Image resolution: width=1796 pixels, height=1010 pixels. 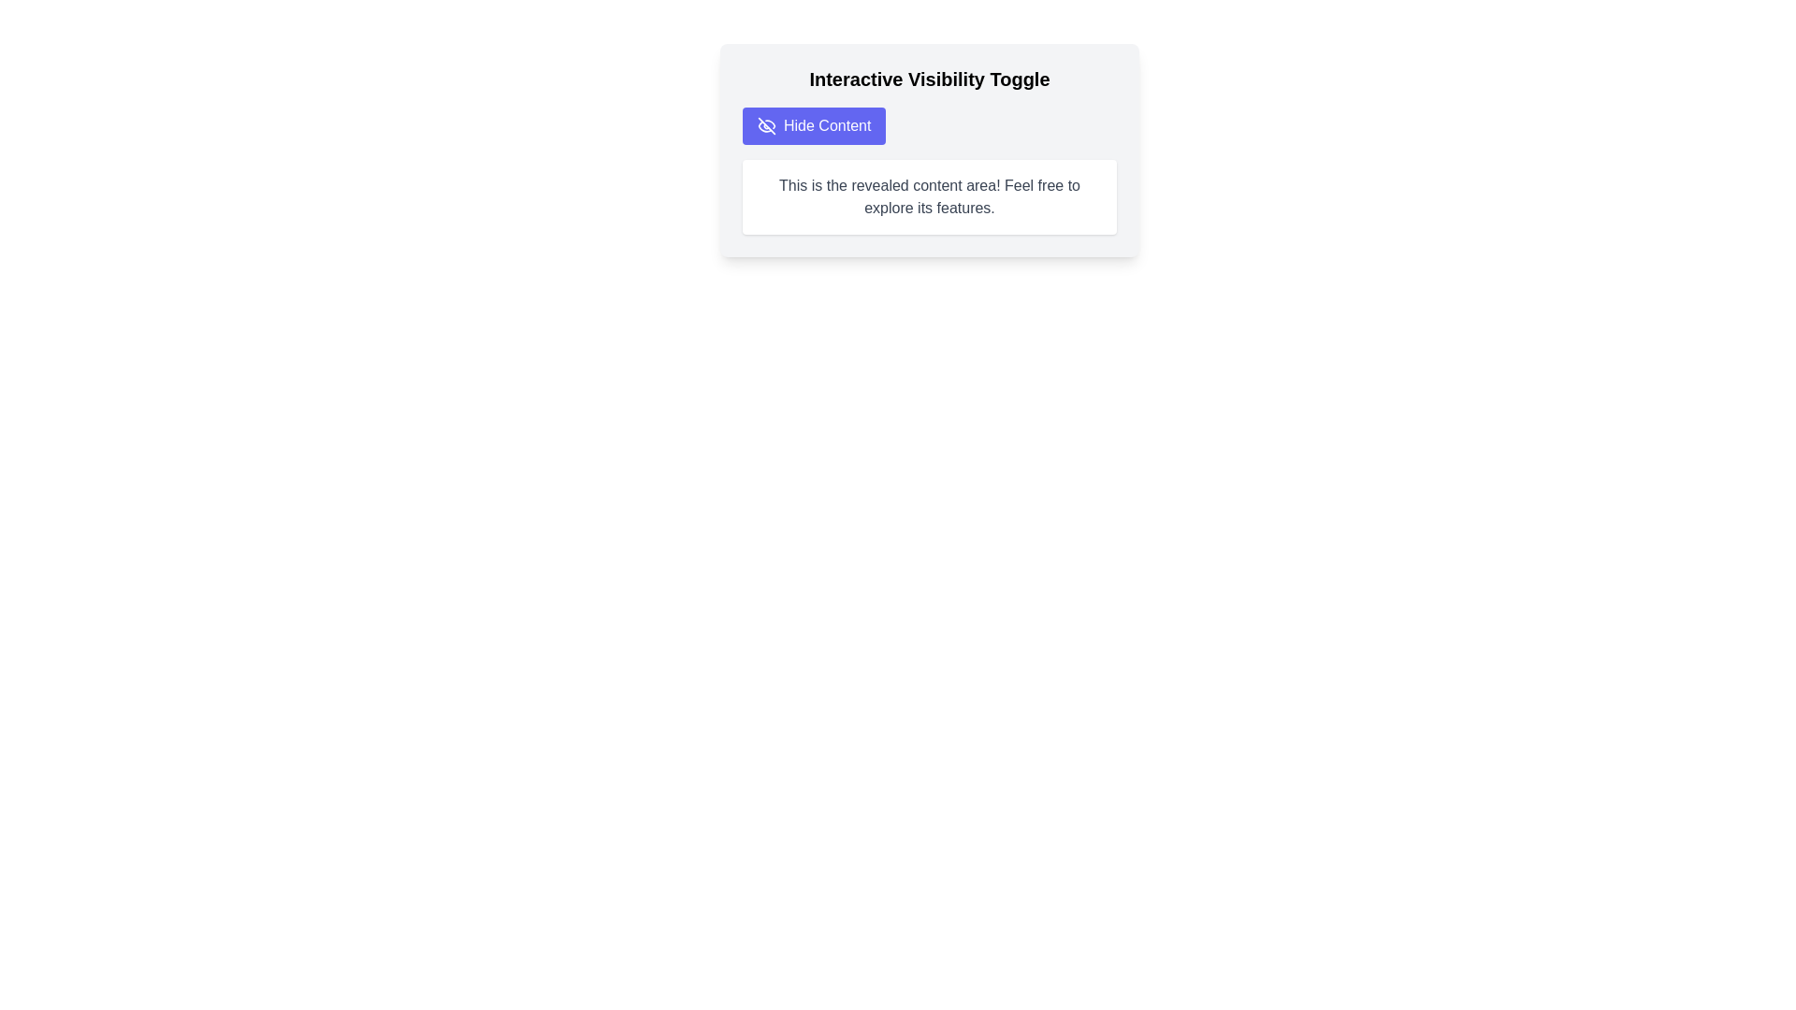 What do you see at coordinates (767, 125) in the screenshot?
I see `the eye-with-slash icon within the 'Hide Content' button to initiate the visibility off action, assuming the button is interactive` at bounding box center [767, 125].